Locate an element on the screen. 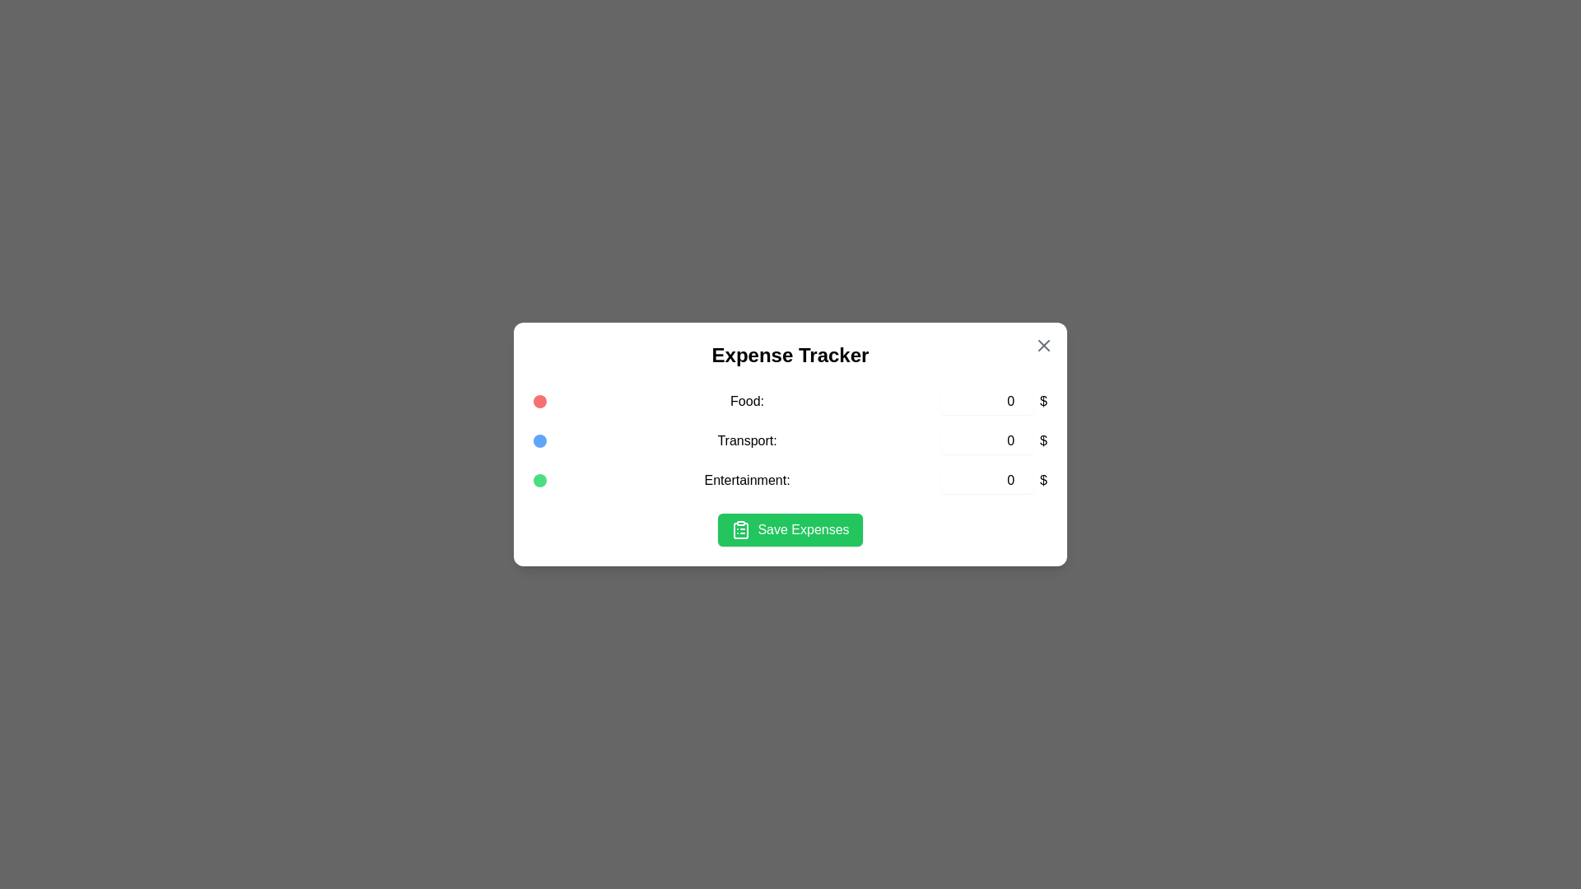 The width and height of the screenshot is (1581, 889). 'Save Expenses' button to save the entered data is located at coordinates (790, 530).